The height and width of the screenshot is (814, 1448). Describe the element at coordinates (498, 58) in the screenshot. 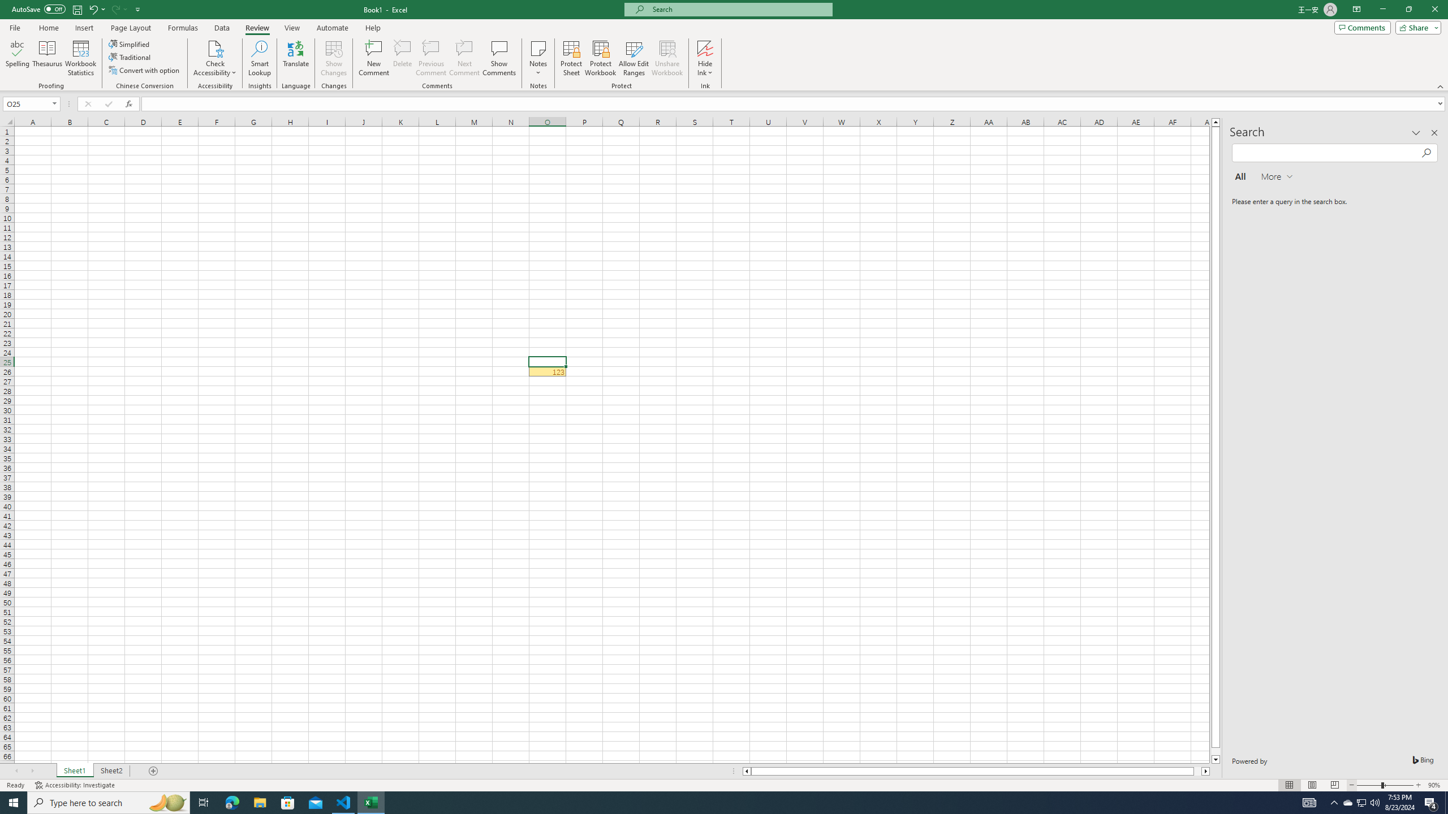

I see `'Show Comments'` at that location.